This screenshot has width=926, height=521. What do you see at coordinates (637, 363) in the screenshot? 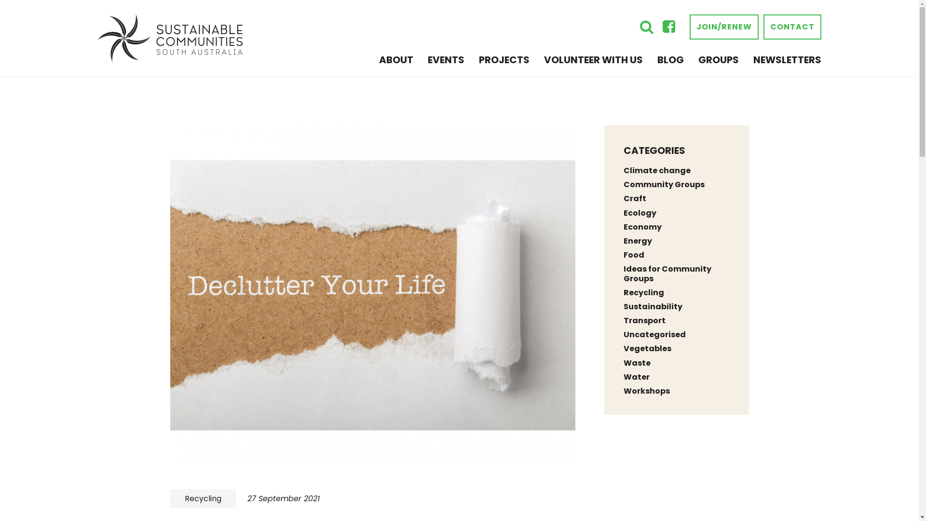
I see `'Waste'` at bounding box center [637, 363].